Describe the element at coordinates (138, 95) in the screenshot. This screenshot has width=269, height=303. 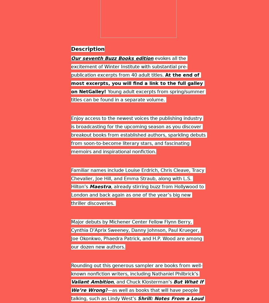
I see `'Young adult excerpts from spring/summer titles can be found in a separate volume.'` at that location.